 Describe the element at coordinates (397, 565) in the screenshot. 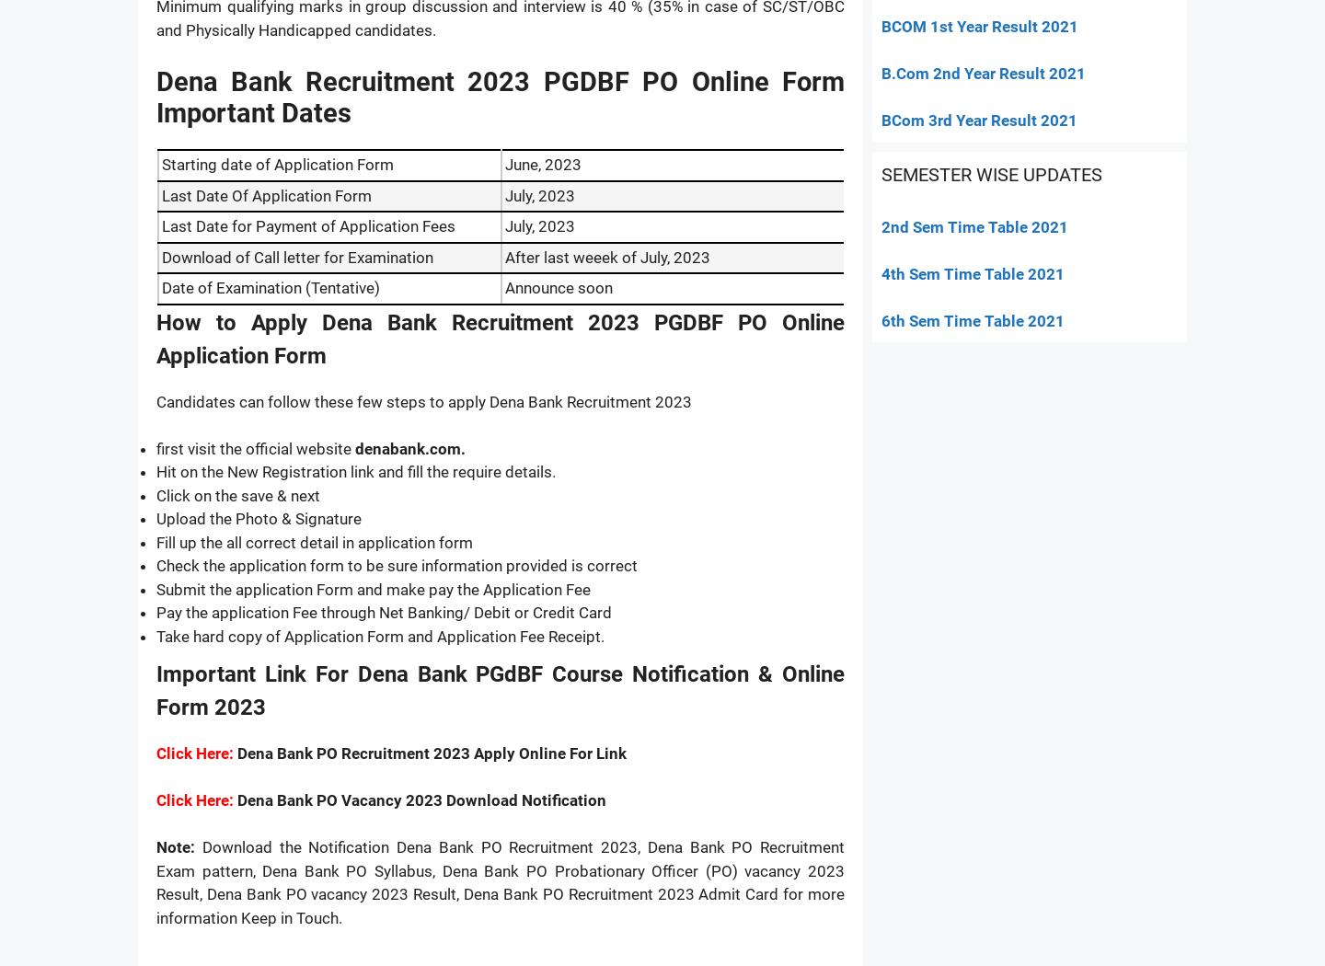

I see `'Check the application form to be sure information provided is correct'` at that location.